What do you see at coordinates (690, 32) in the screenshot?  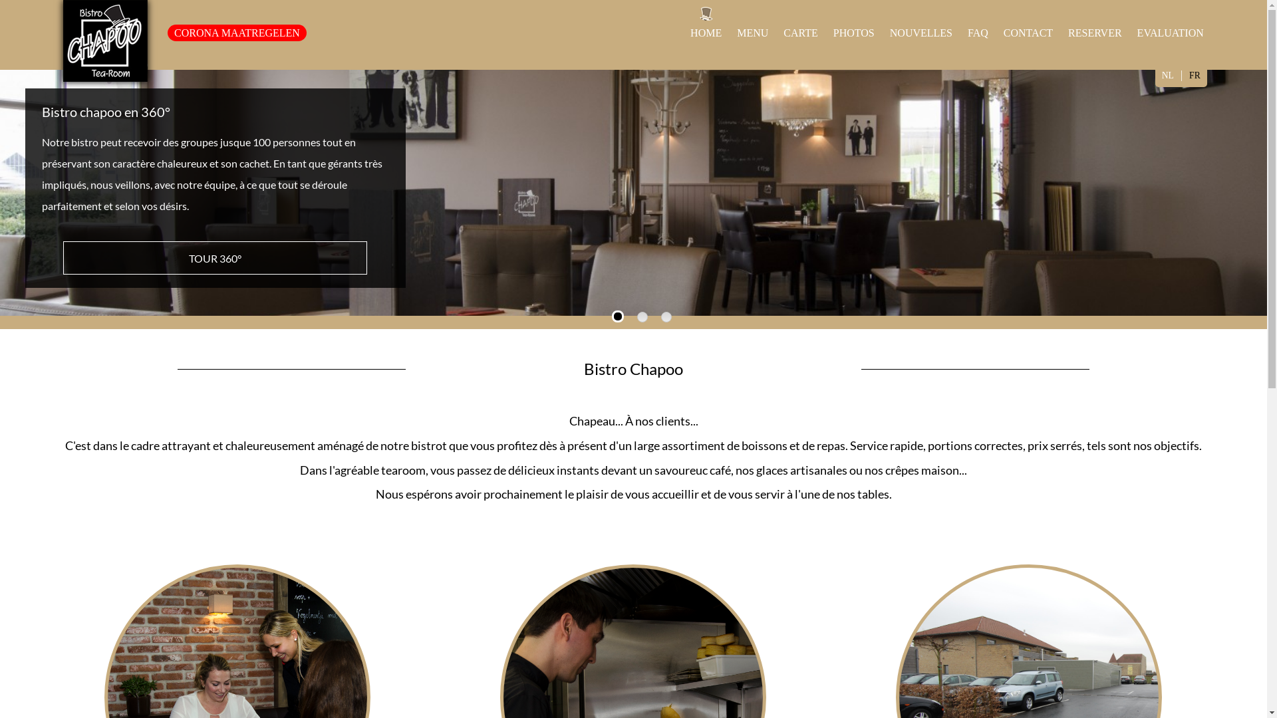 I see `'HOME'` at bounding box center [690, 32].